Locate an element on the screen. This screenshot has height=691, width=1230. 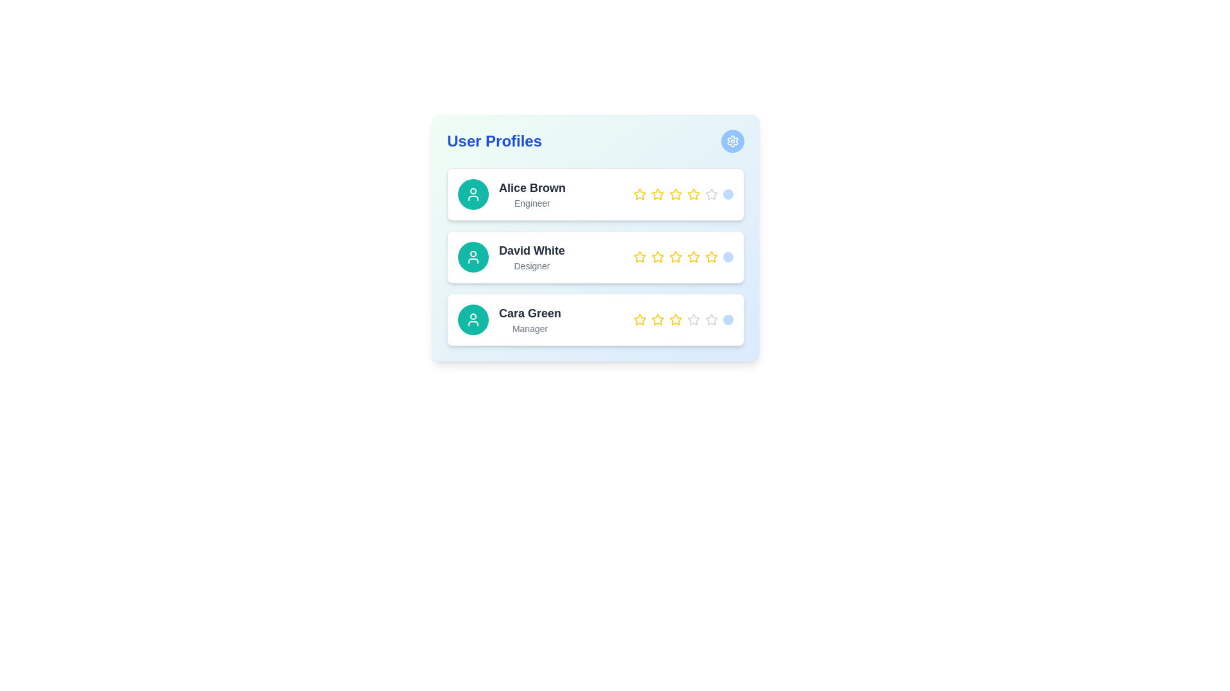
the yellow star icon, which is the second star in the rating row for 'Alice Brown', despite dragging being uncommon for rating icons is located at coordinates (658, 195).